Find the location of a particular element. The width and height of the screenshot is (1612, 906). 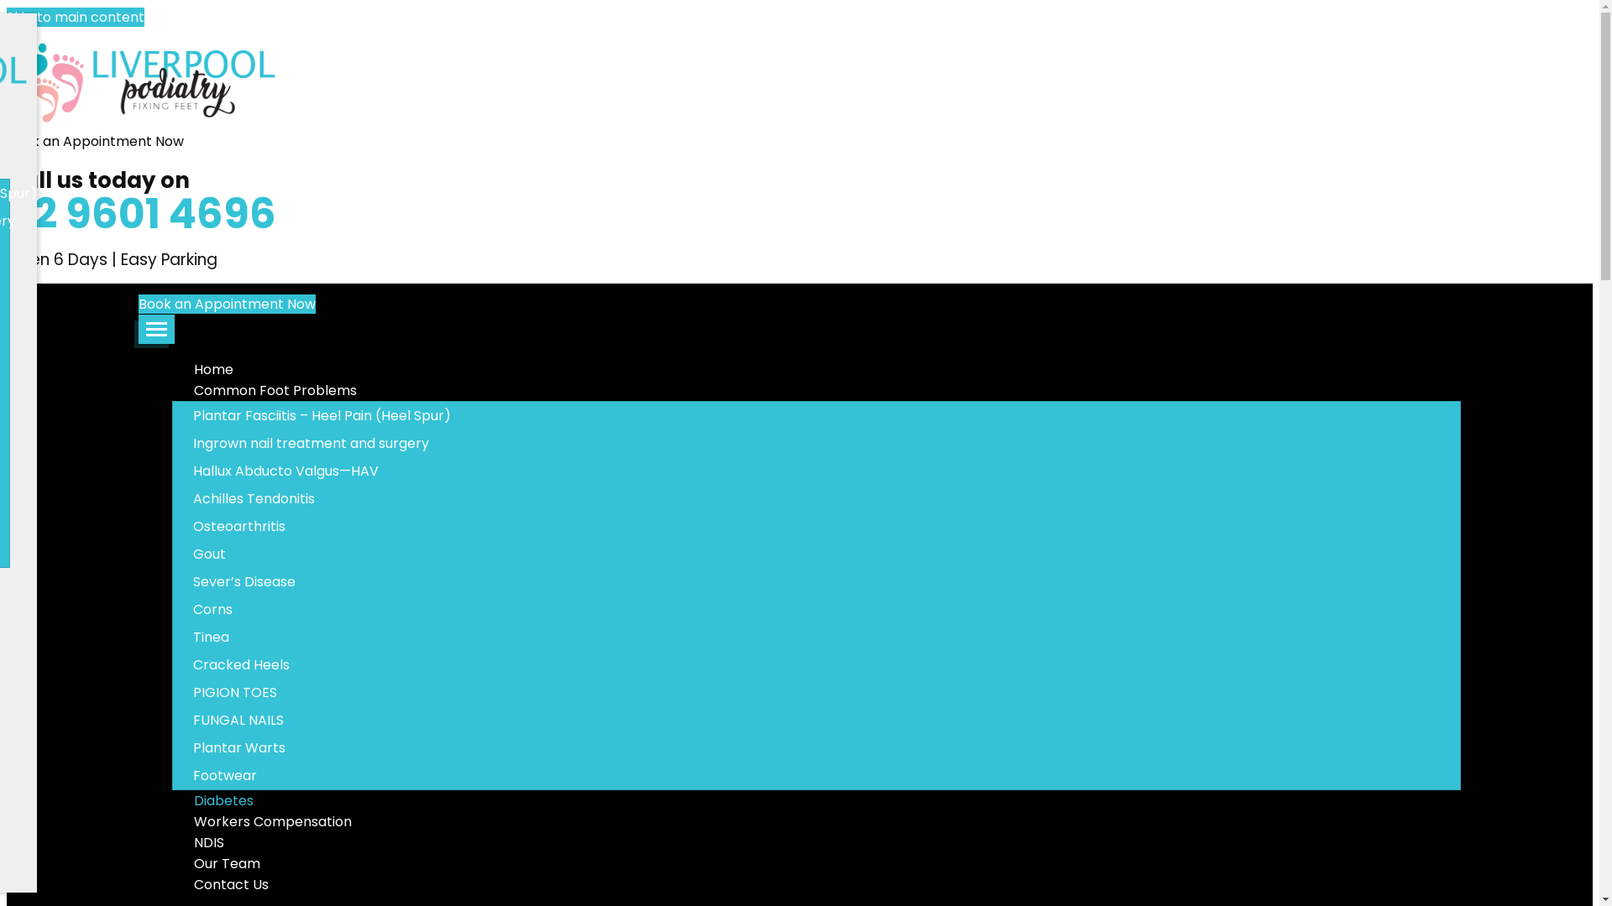

'NDIS' is located at coordinates (207, 842).